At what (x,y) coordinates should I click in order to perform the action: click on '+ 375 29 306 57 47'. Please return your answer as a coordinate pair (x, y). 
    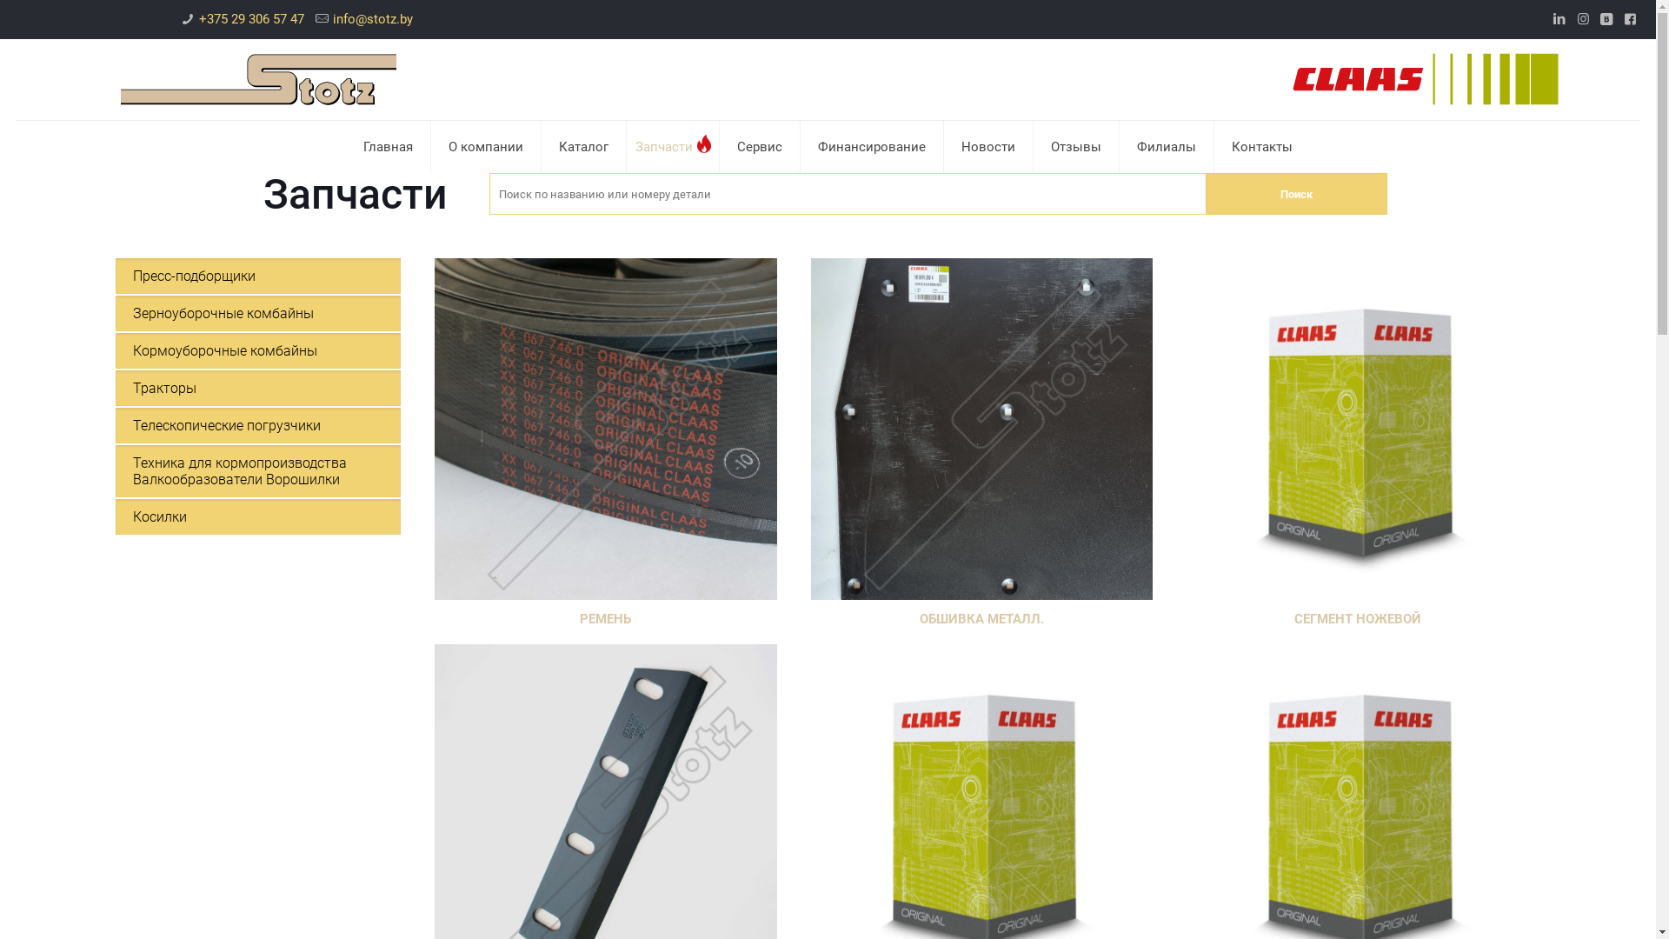
    Looking at the image, I should click on (1148, 644).